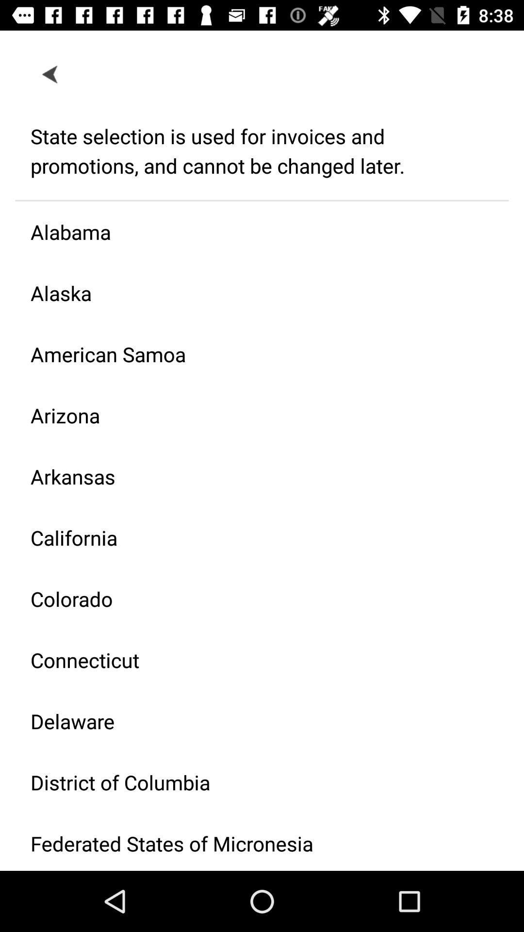  What do you see at coordinates (254, 842) in the screenshot?
I see `federated states of item` at bounding box center [254, 842].